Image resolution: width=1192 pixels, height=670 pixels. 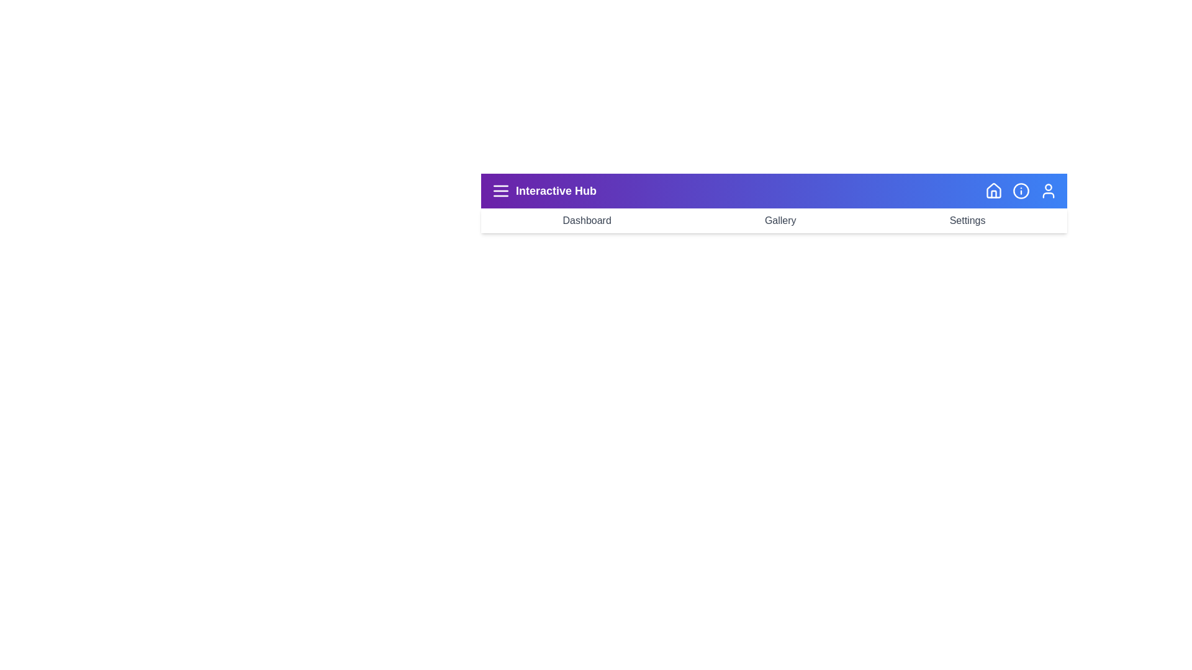 What do you see at coordinates (500, 191) in the screenshot?
I see `the menu icon to toggle the menu visibility` at bounding box center [500, 191].